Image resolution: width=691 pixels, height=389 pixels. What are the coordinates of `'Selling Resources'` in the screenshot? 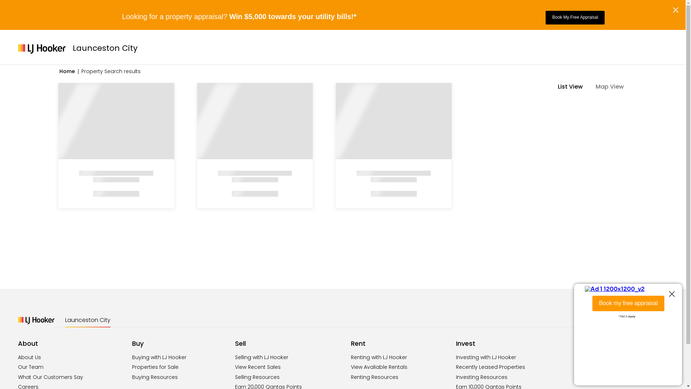 It's located at (257, 376).